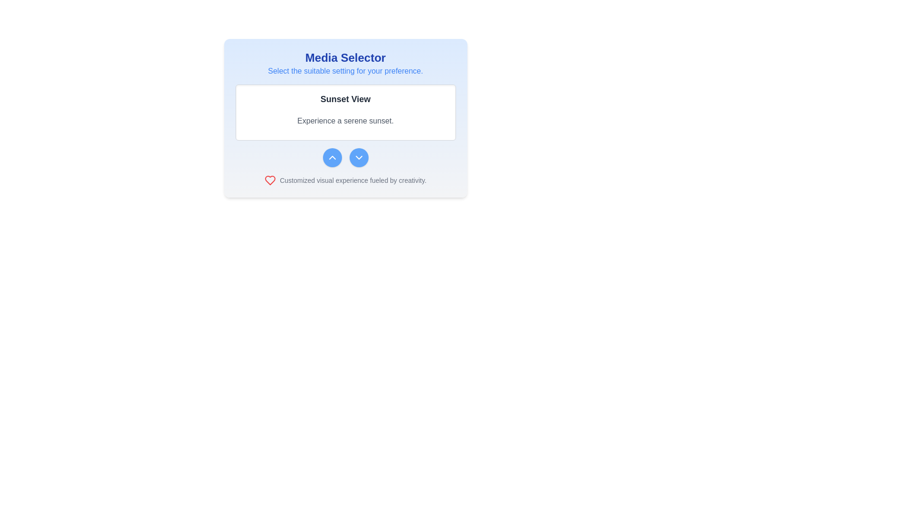 Image resolution: width=912 pixels, height=513 pixels. I want to click on the heart icon located in the bottom left section underneath the main content box, which likely represents a feature for favoriting or liking, so click(270, 180).